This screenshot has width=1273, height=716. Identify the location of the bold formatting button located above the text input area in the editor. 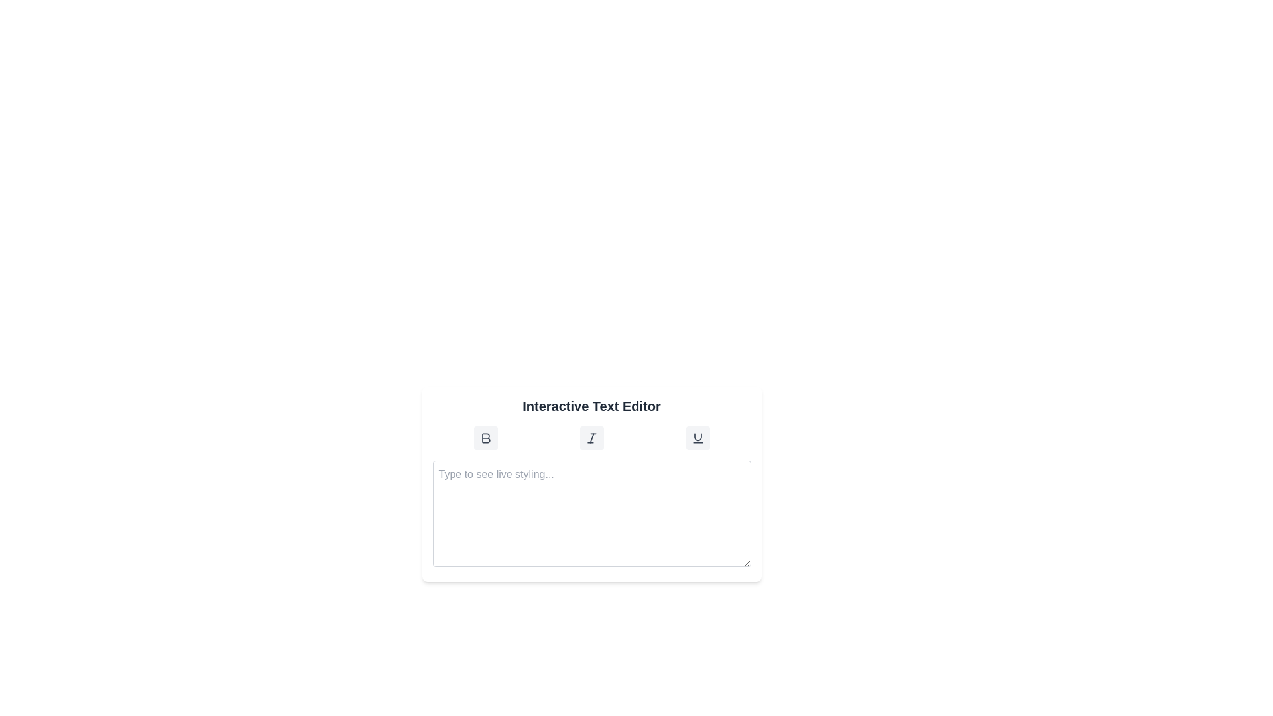
(485, 438).